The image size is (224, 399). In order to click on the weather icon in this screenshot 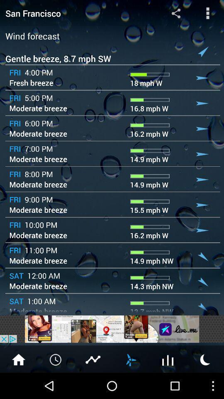, I will do `click(130, 384)`.